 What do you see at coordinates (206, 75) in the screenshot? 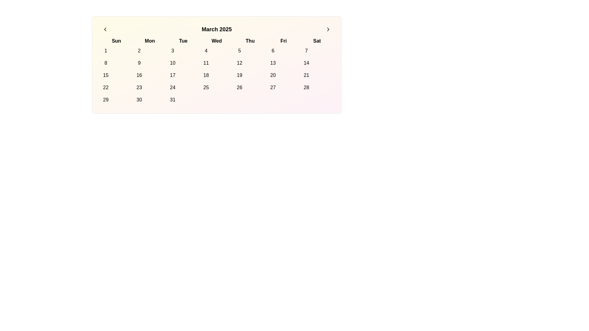
I see `the date selection button for '18' located in the fourth column and third row of the calendar grid under 'Wed'` at bounding box center [206, 75].